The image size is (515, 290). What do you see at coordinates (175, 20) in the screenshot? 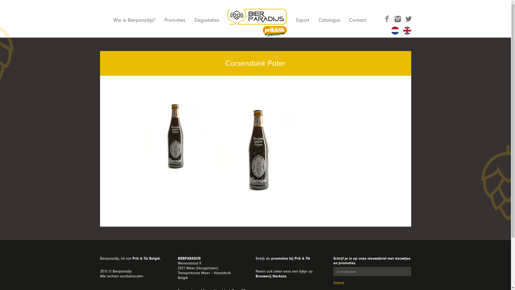
I see `'Promoties'` at bounding box center [175, 20].